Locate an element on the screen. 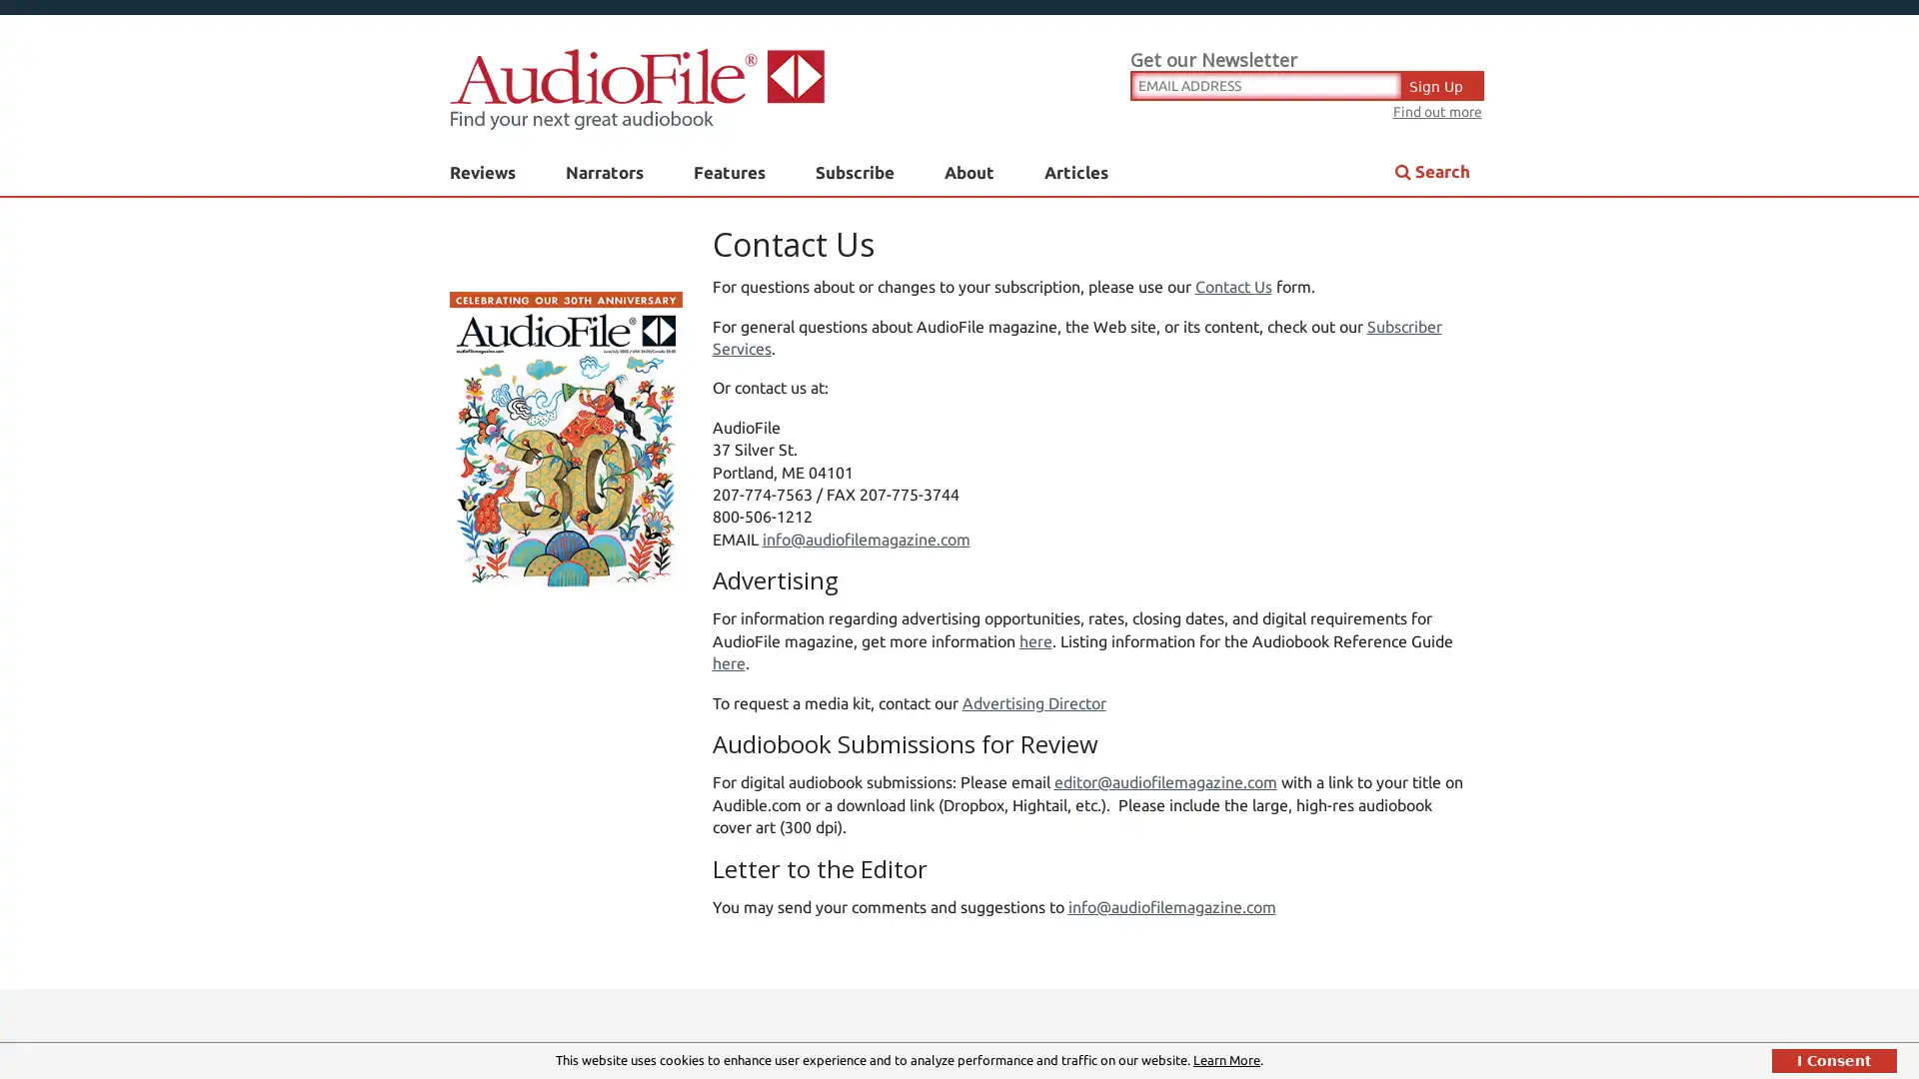 The image size is (1919, 1079). I Consent is located at coordinates (1834, 1059).